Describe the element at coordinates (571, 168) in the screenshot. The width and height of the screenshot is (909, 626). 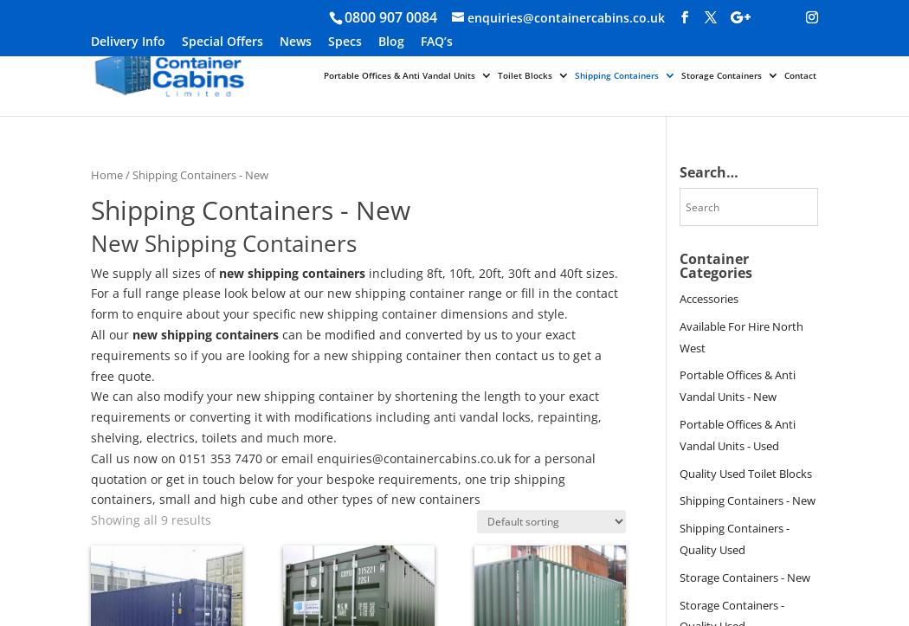
I see `'Used Toilet Blocks'` at that location.